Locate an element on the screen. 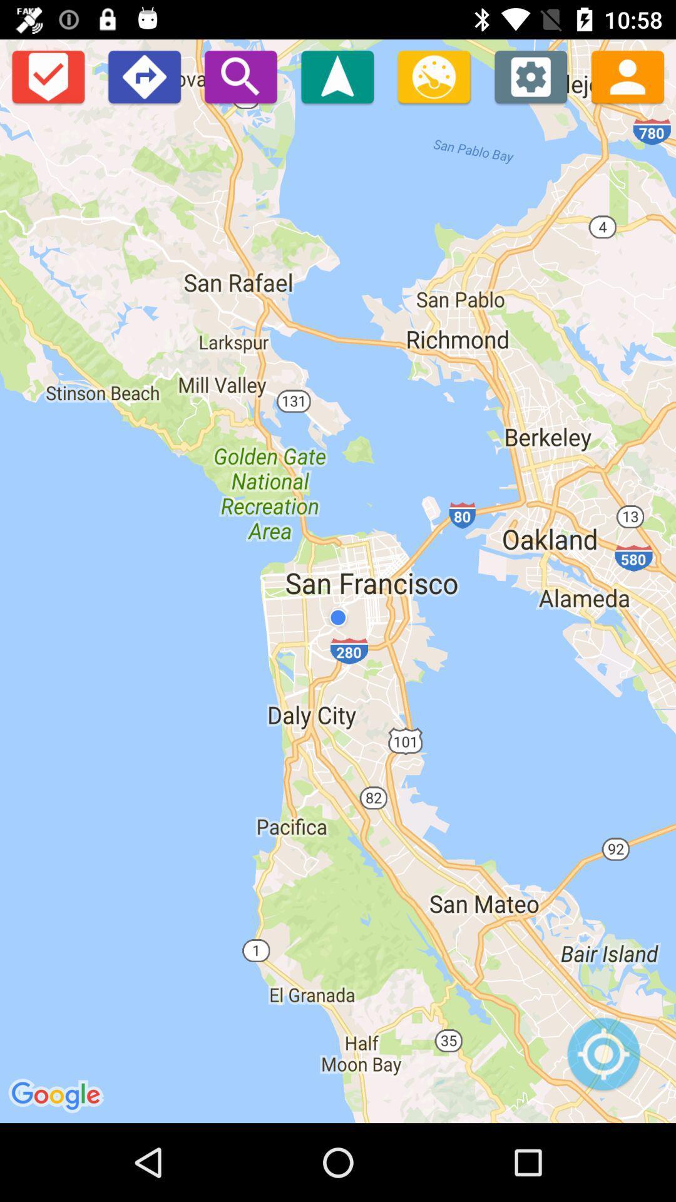 This screenshot has width=676, height=1202. the avatar icon is located at coordinates (627, 76).